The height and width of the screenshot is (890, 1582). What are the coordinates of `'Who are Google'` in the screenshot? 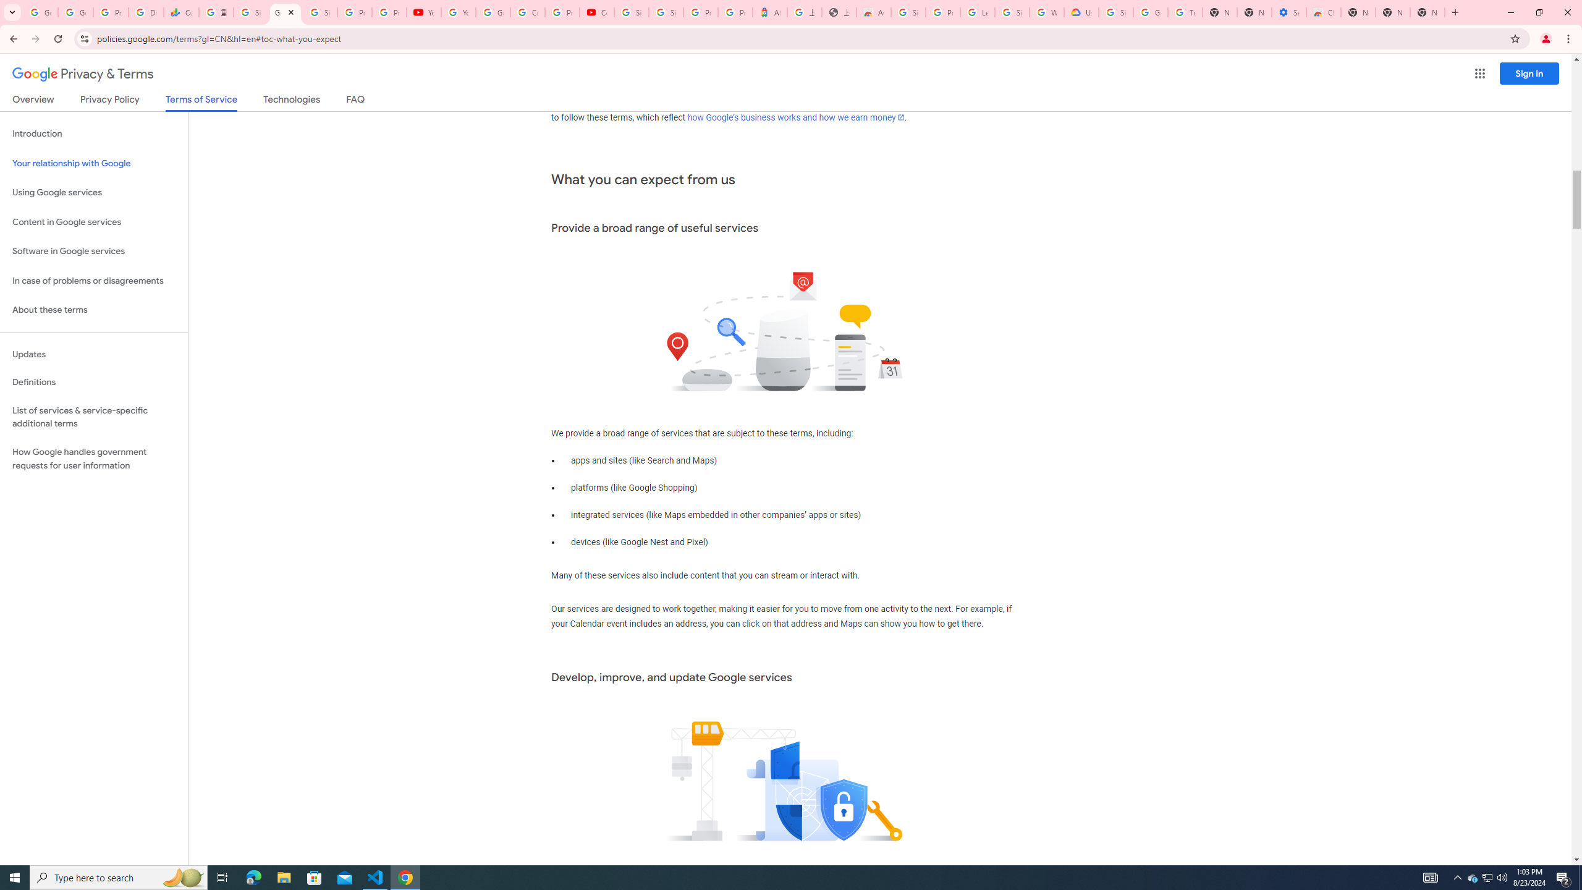 It's located at (1046, 12).